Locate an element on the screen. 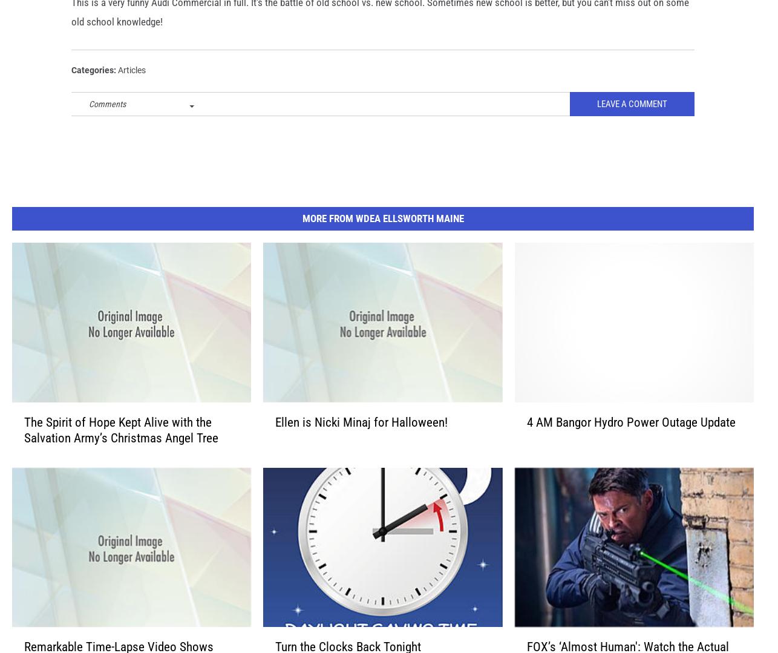 This screenshot has height=653, width=778. 'Comments' is located at coordinates (107, 123).